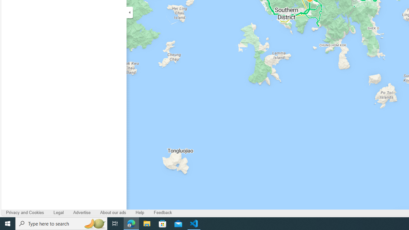 The image size is (409, 230). Describe the element at coordinates (140, 213) in the screenshot. I see `'Help'` at that location.